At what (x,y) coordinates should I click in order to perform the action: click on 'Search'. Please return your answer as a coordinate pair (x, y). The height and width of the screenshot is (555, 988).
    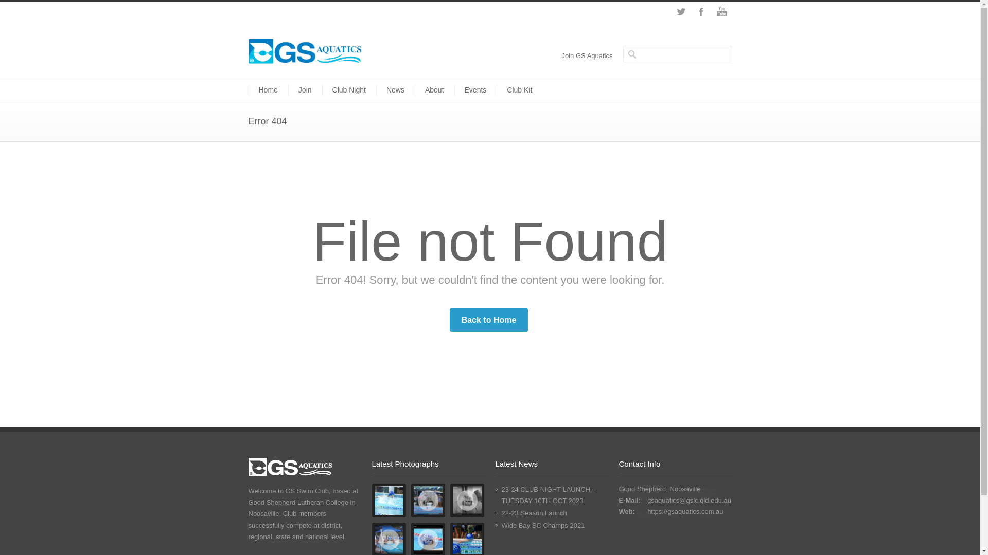
    Looking at the image, I should click on (46, 8).